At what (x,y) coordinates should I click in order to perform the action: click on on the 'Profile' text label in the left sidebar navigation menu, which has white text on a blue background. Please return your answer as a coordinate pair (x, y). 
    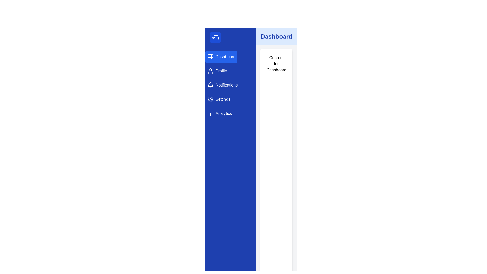
    Looking at the image, I should click on (221, 71).